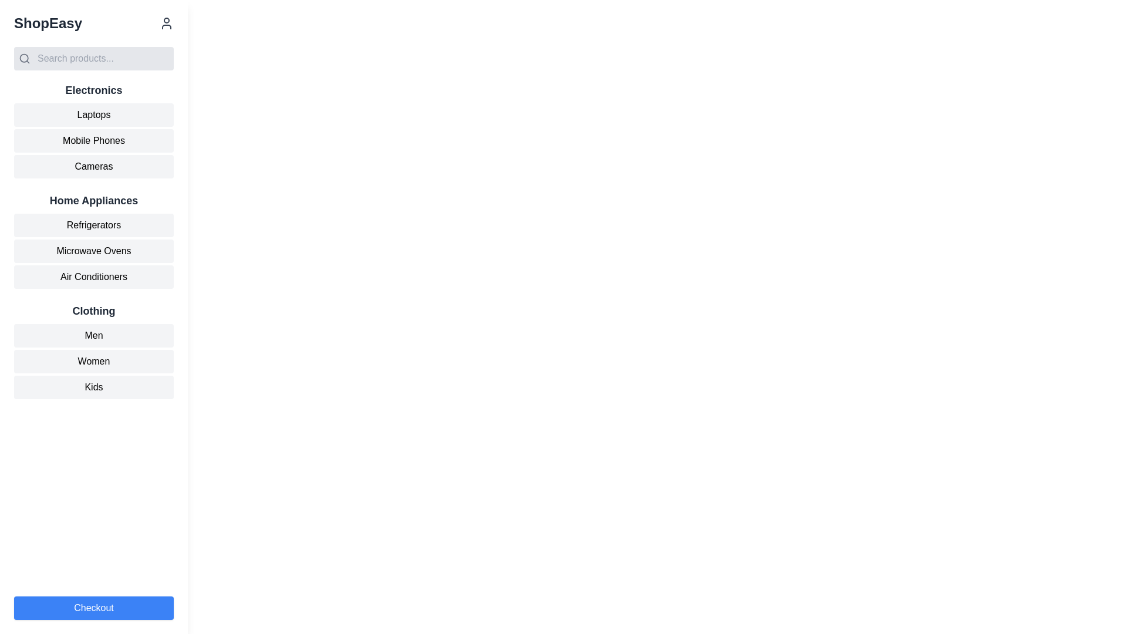 The height and width of the screenshot is (634, 1127). I want to click on the 'Women' navigation button located in the left panel, which is the second of three buttons labeled 'Men,' 'Women,' and 'Kids,' to observe the hover effect, so click(93, 361).